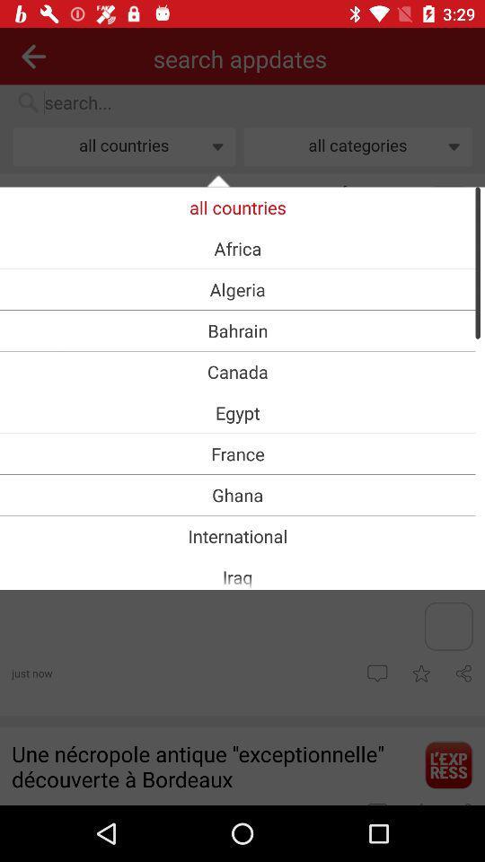  What do you see at coordinates (237, 576) in the screenshot?
I see `iraq icon` at bounding box center [237, 576].